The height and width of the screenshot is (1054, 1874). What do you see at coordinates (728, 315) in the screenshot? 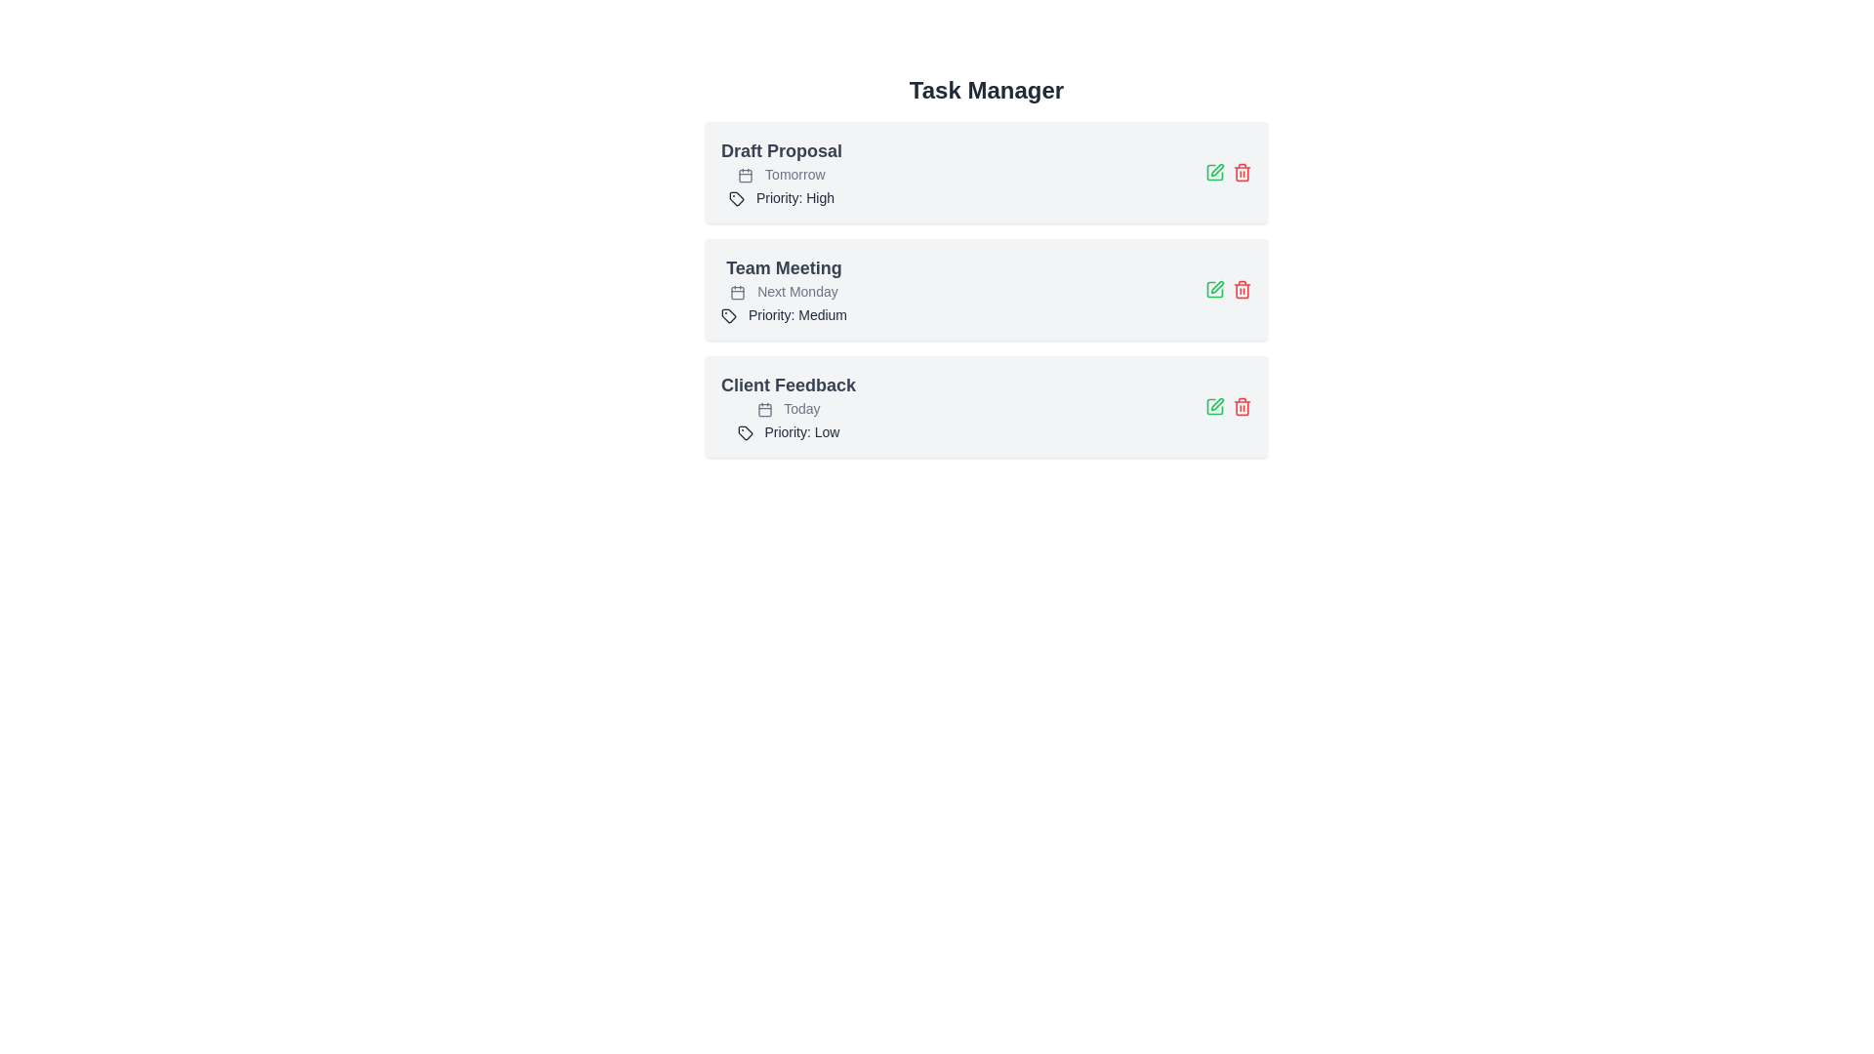
I see `the priority icon located to the left of the 'Priority: Medium' text in the 'Team Meeting' section of the task entries in the 'Task Manager'` at bounding box center [728, 315].